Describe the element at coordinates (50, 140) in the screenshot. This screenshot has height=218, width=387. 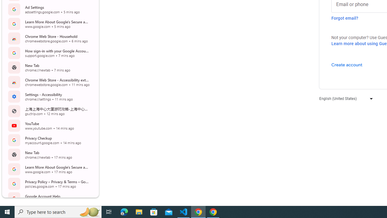
I see `'Privacy Checkup myaccount.google.com 14 mins ago Open Tab'` at that location.